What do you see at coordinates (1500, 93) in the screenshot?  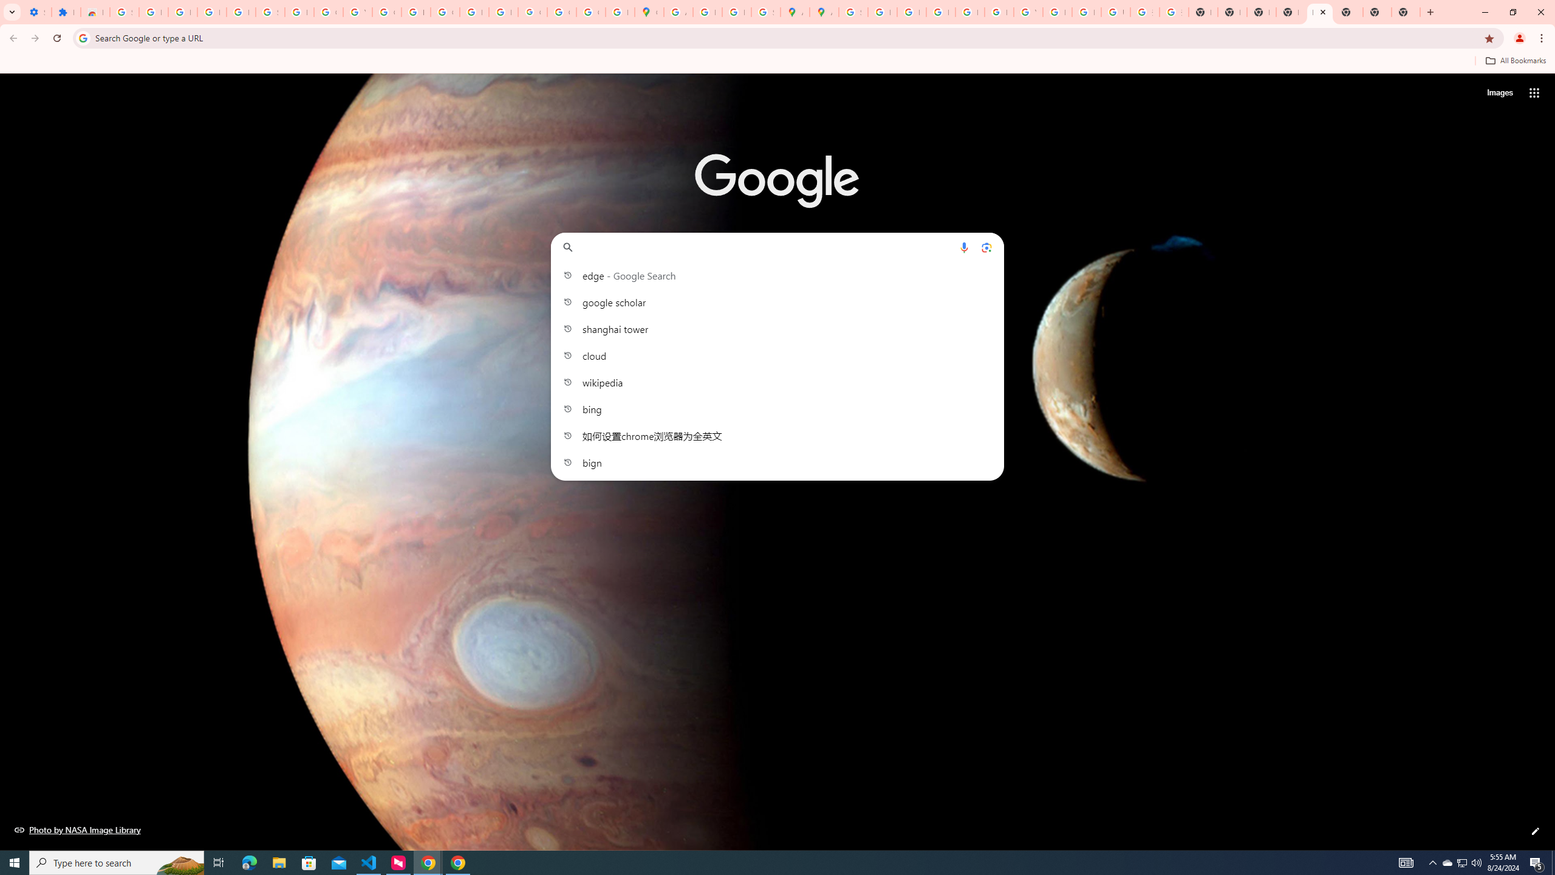 I see `'Search for Images '` at bounding box center [1500, 93].